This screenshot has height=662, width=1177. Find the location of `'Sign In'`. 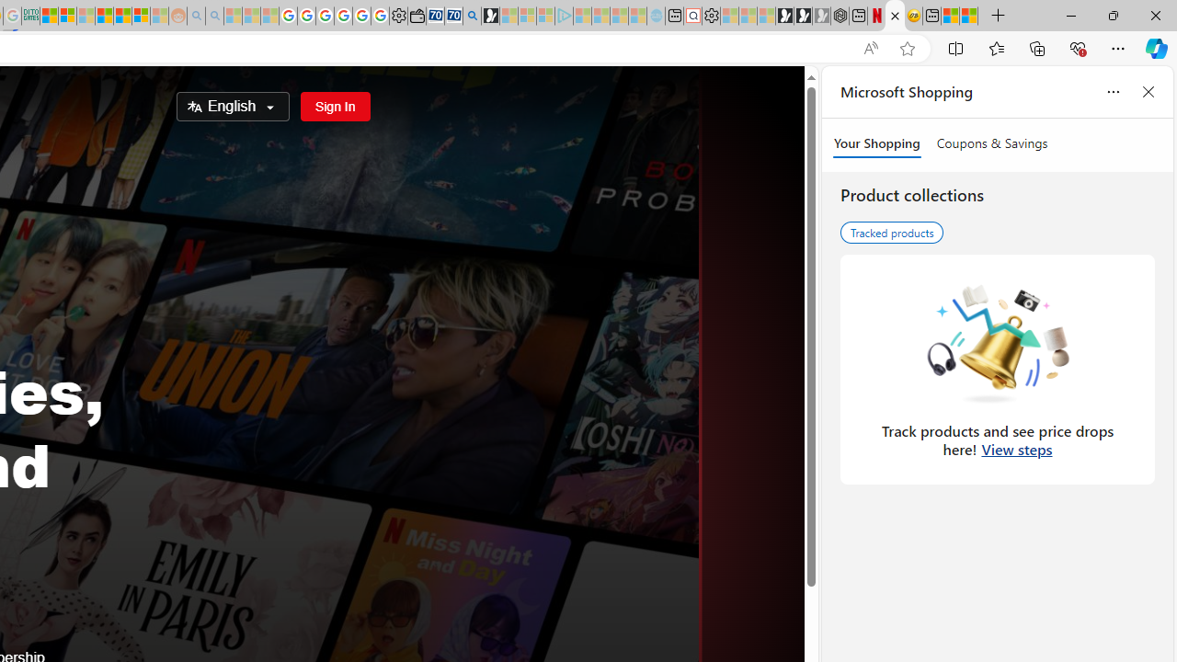

'Sign In' is located at coordinates (335, 106).